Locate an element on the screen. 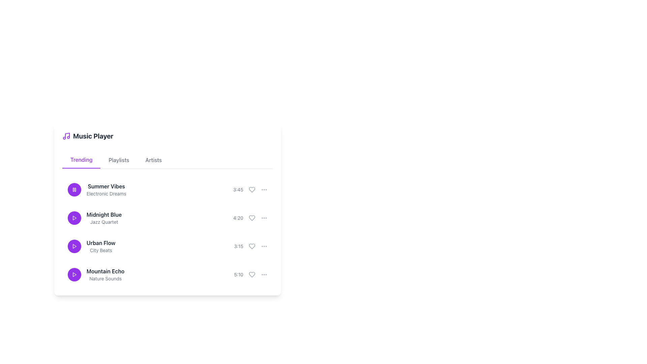  the heart-shaped icon button with a hollow center, styled in light gray, located to the right of the time label '3:15' in the music player interface is located at coordinates (252, 246).